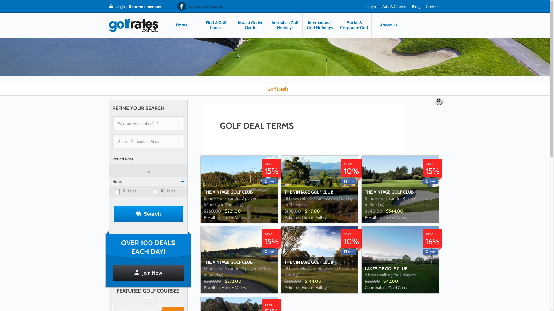  I want to click on 'Join Now', so click(112, 273).